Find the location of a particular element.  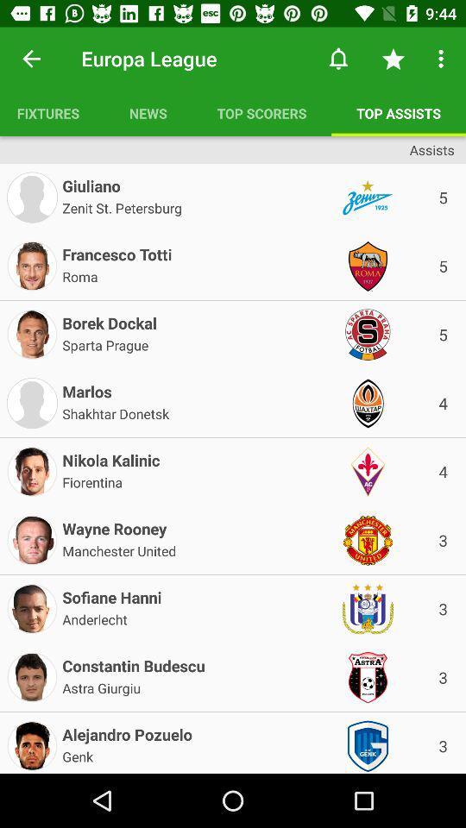

the icon above the fixtures icon is located at coordinates (31, 59).